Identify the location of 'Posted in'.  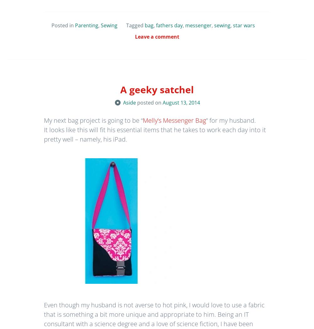
(63, 25).